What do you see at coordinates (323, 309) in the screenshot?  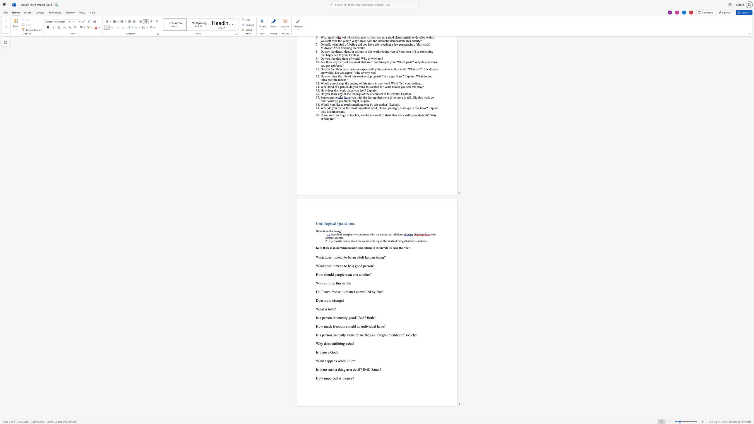 I see `the 1th character "t" in the text` at bounding box center [323, 309].